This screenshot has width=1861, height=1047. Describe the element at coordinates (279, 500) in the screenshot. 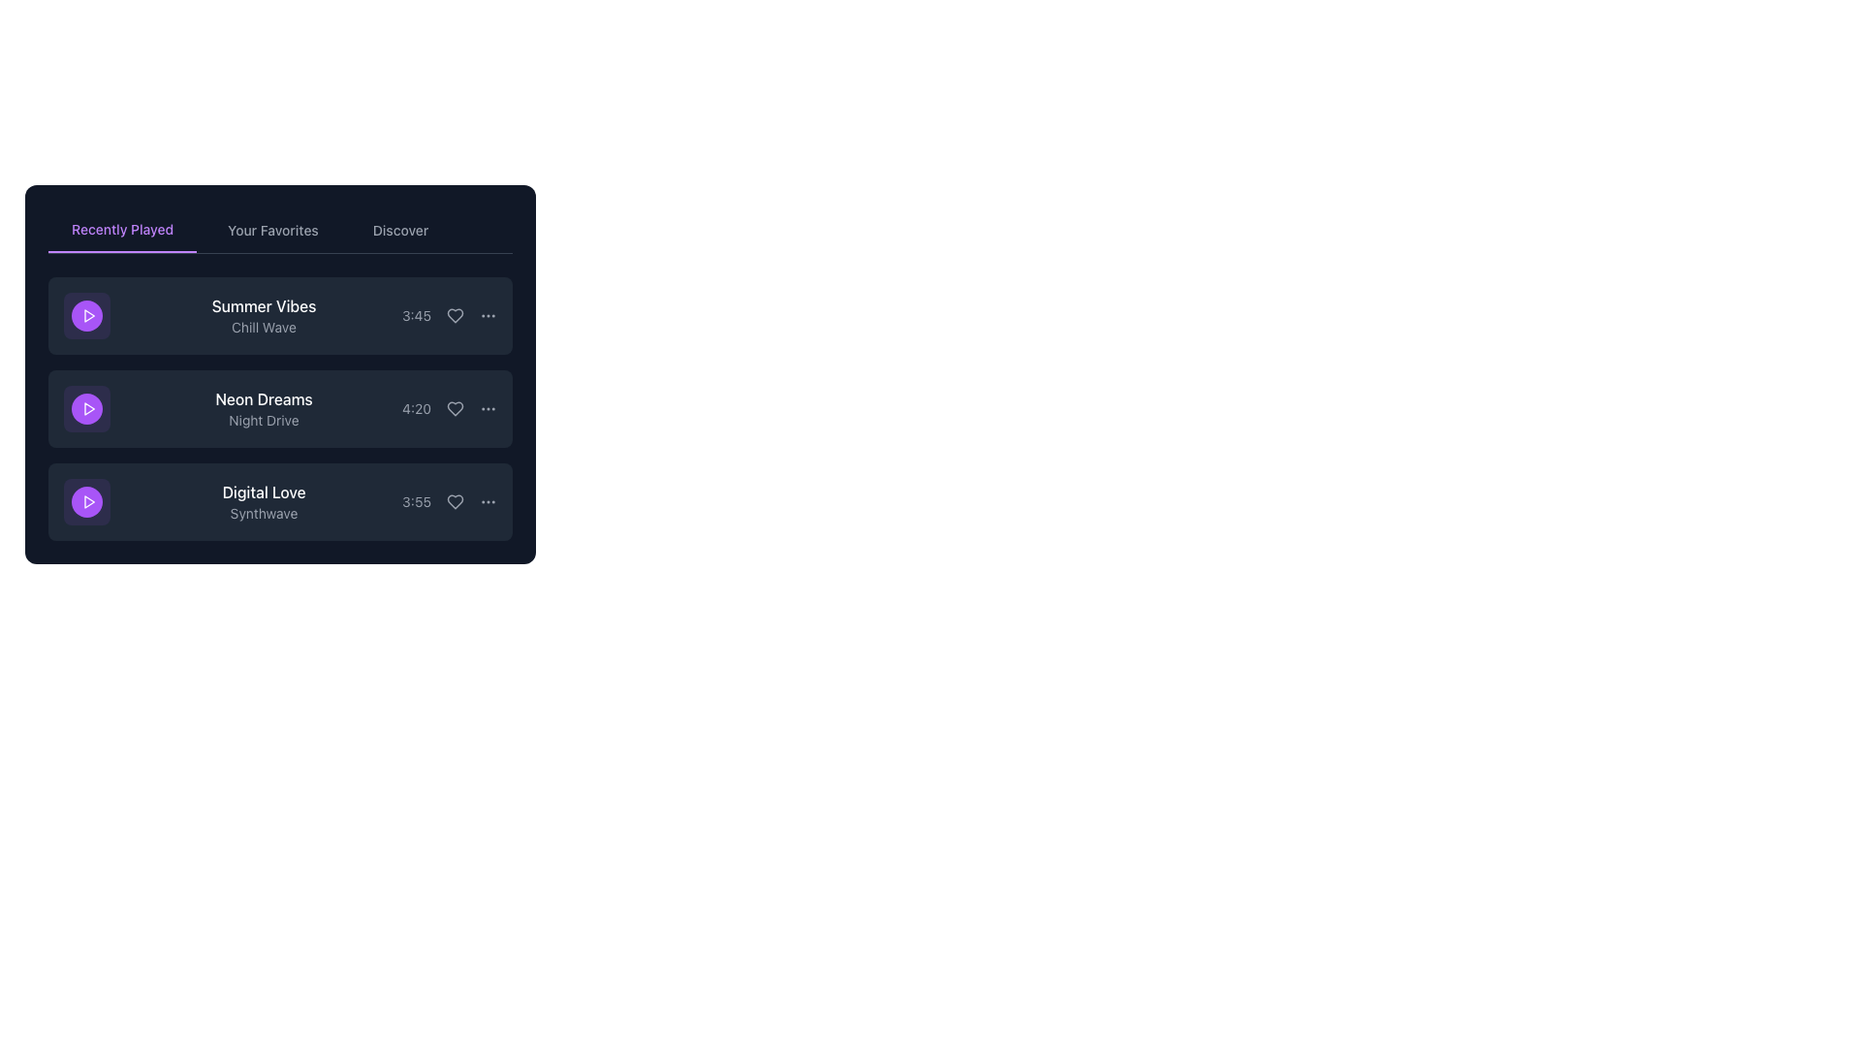

I see `the third playlist item in the 'Recently Played' section` at that location.